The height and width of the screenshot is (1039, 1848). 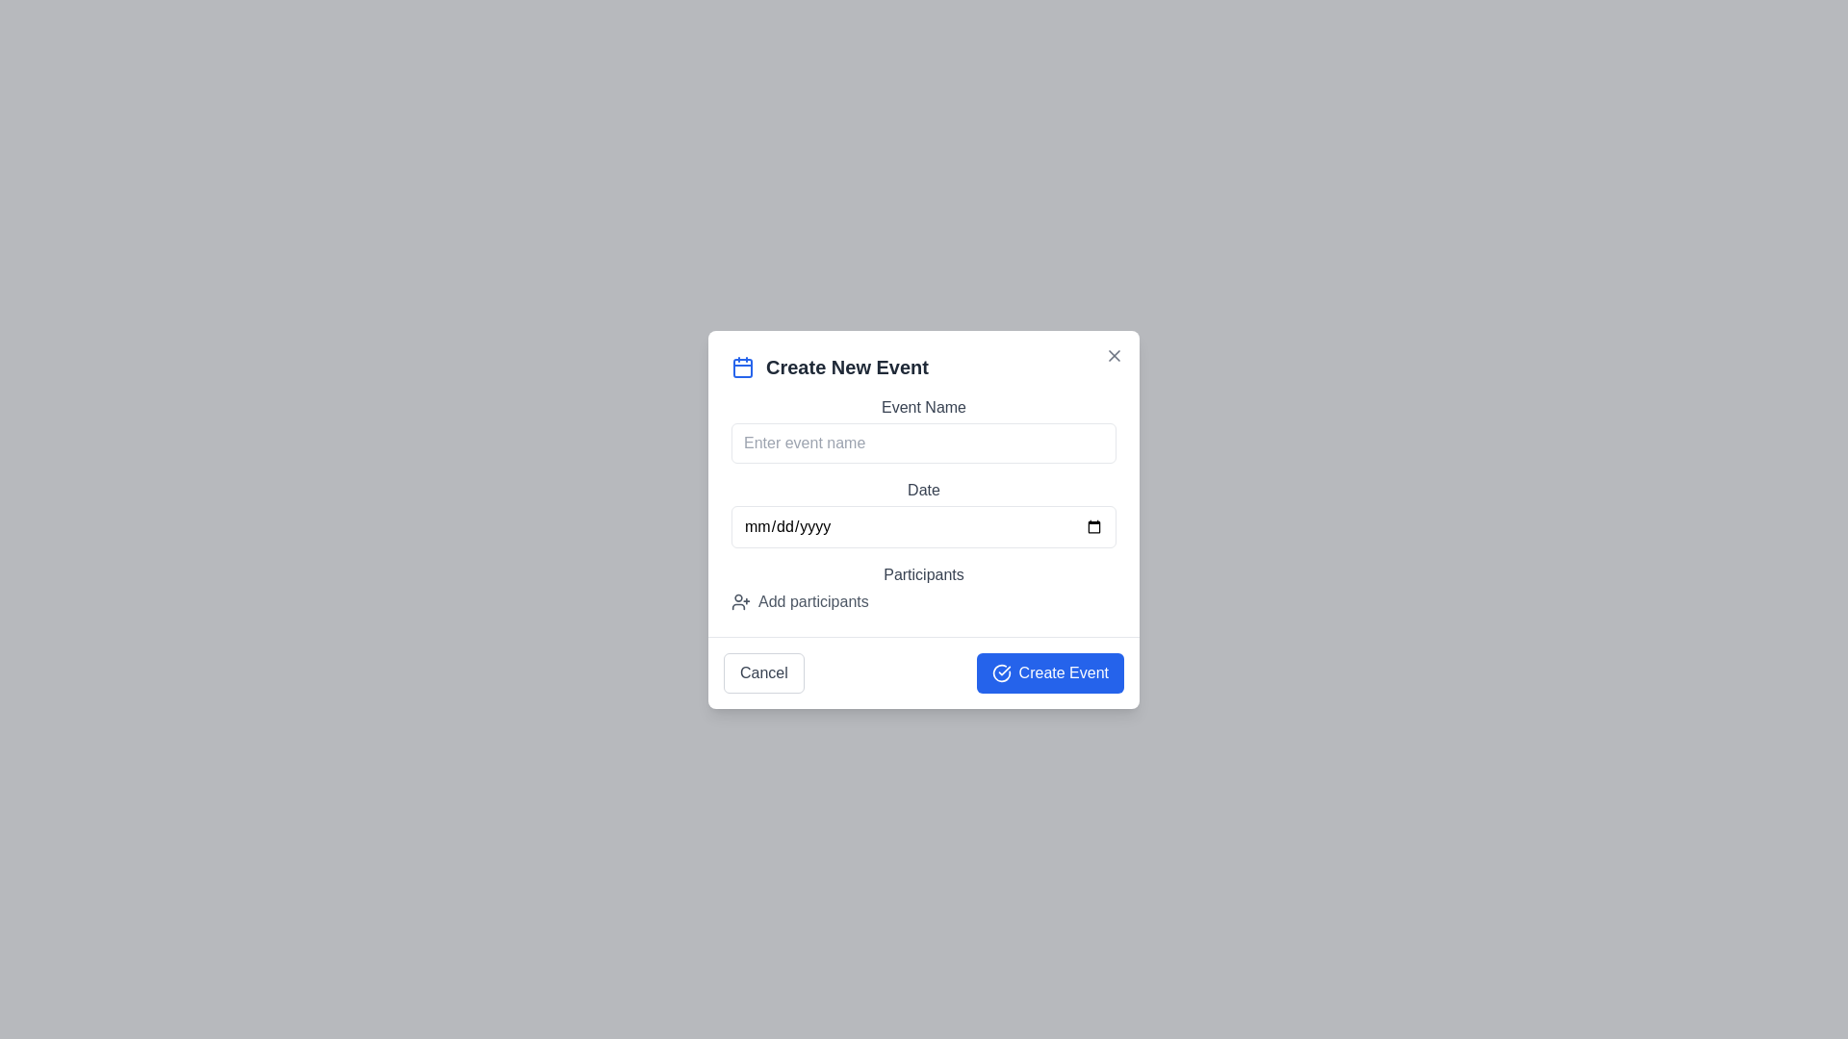 What do you see at coordinates (847, 367) in the screenshot?
I see `the header text 'Create New Event' which is prominently displayed in a bold, large font with dark gray color, located at the upper part of a centered modal dialog` at bounding box center [847, 367].